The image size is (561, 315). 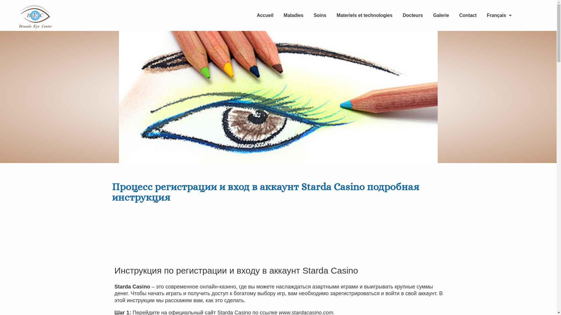 What do you see at coordinates (412, 15) in the screenshot?
I see `'Docteurs'` at bounding box center [412, 15].